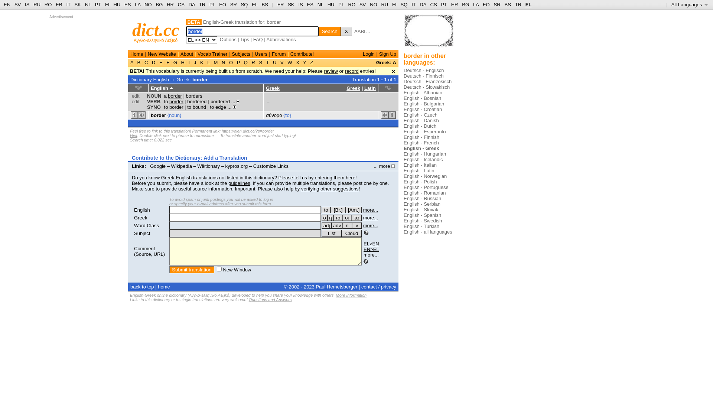 The width and height of the screenshot is (713, 401). Describe the element at coordinates (183, 62) in the screenshot. I see `'H'` at that location.